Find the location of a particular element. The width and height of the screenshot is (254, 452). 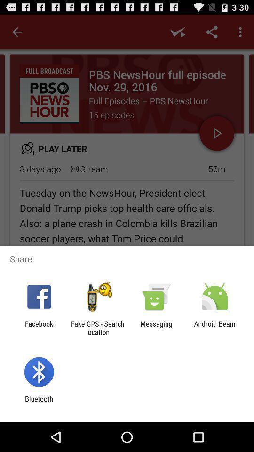

the icon next to fake gps search icon is located at coordinates (39, 328).